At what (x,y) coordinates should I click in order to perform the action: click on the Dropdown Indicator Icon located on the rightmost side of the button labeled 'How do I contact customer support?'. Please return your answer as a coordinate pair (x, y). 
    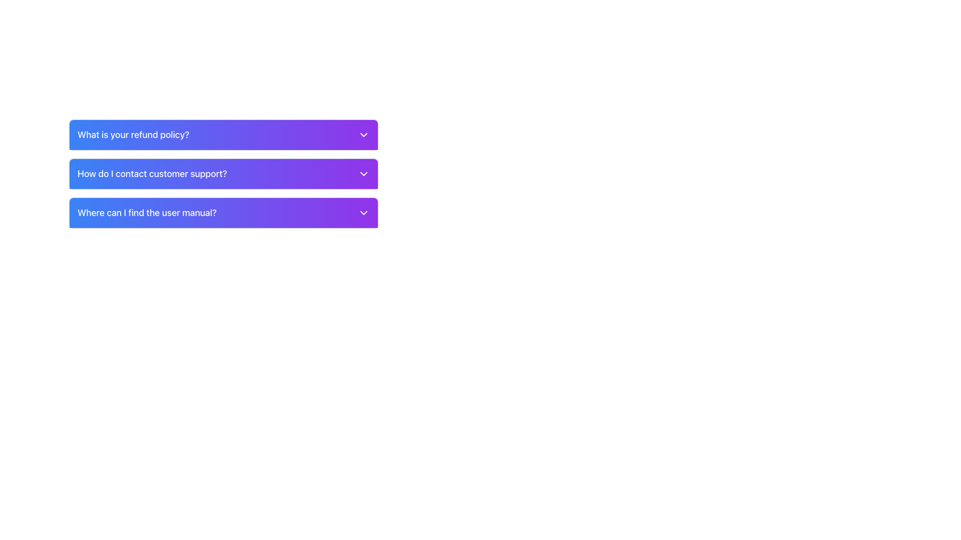
    Looking at the image, I should click on (363, 173).